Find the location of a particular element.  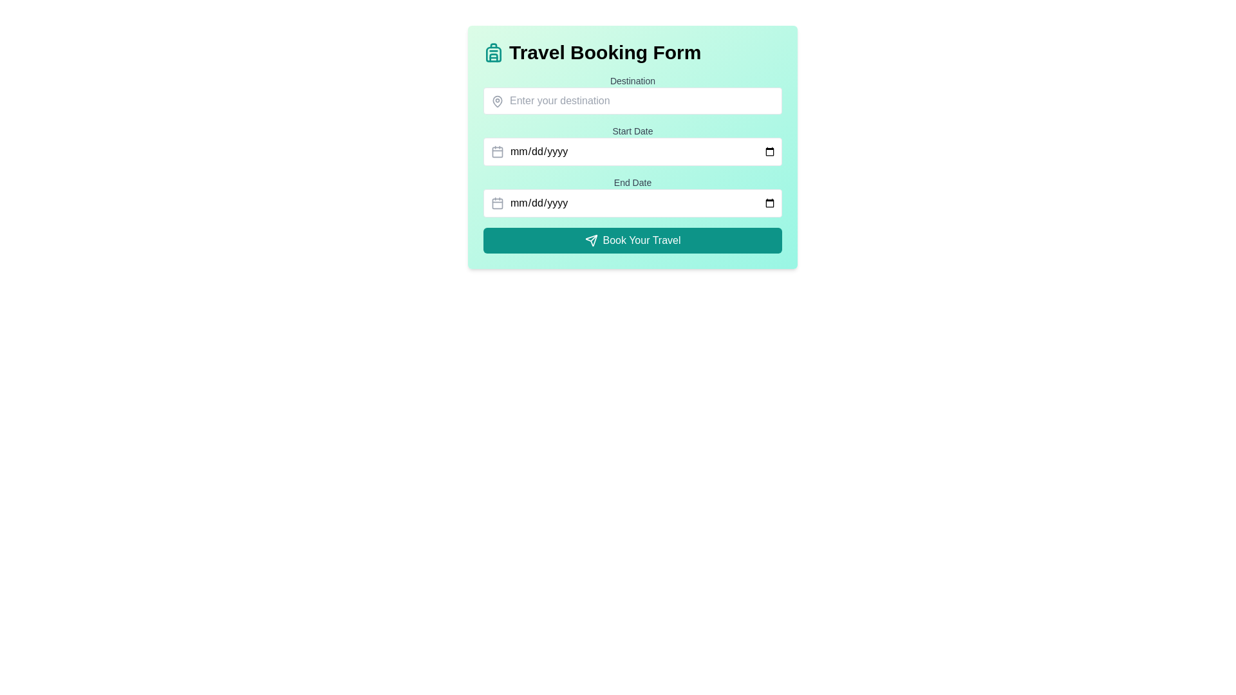

the text label that serves as a contextual instruction for the input field below, which is centered horizontally and positioned just above an input field with a calendar icon is located at coordinates (633, 131).